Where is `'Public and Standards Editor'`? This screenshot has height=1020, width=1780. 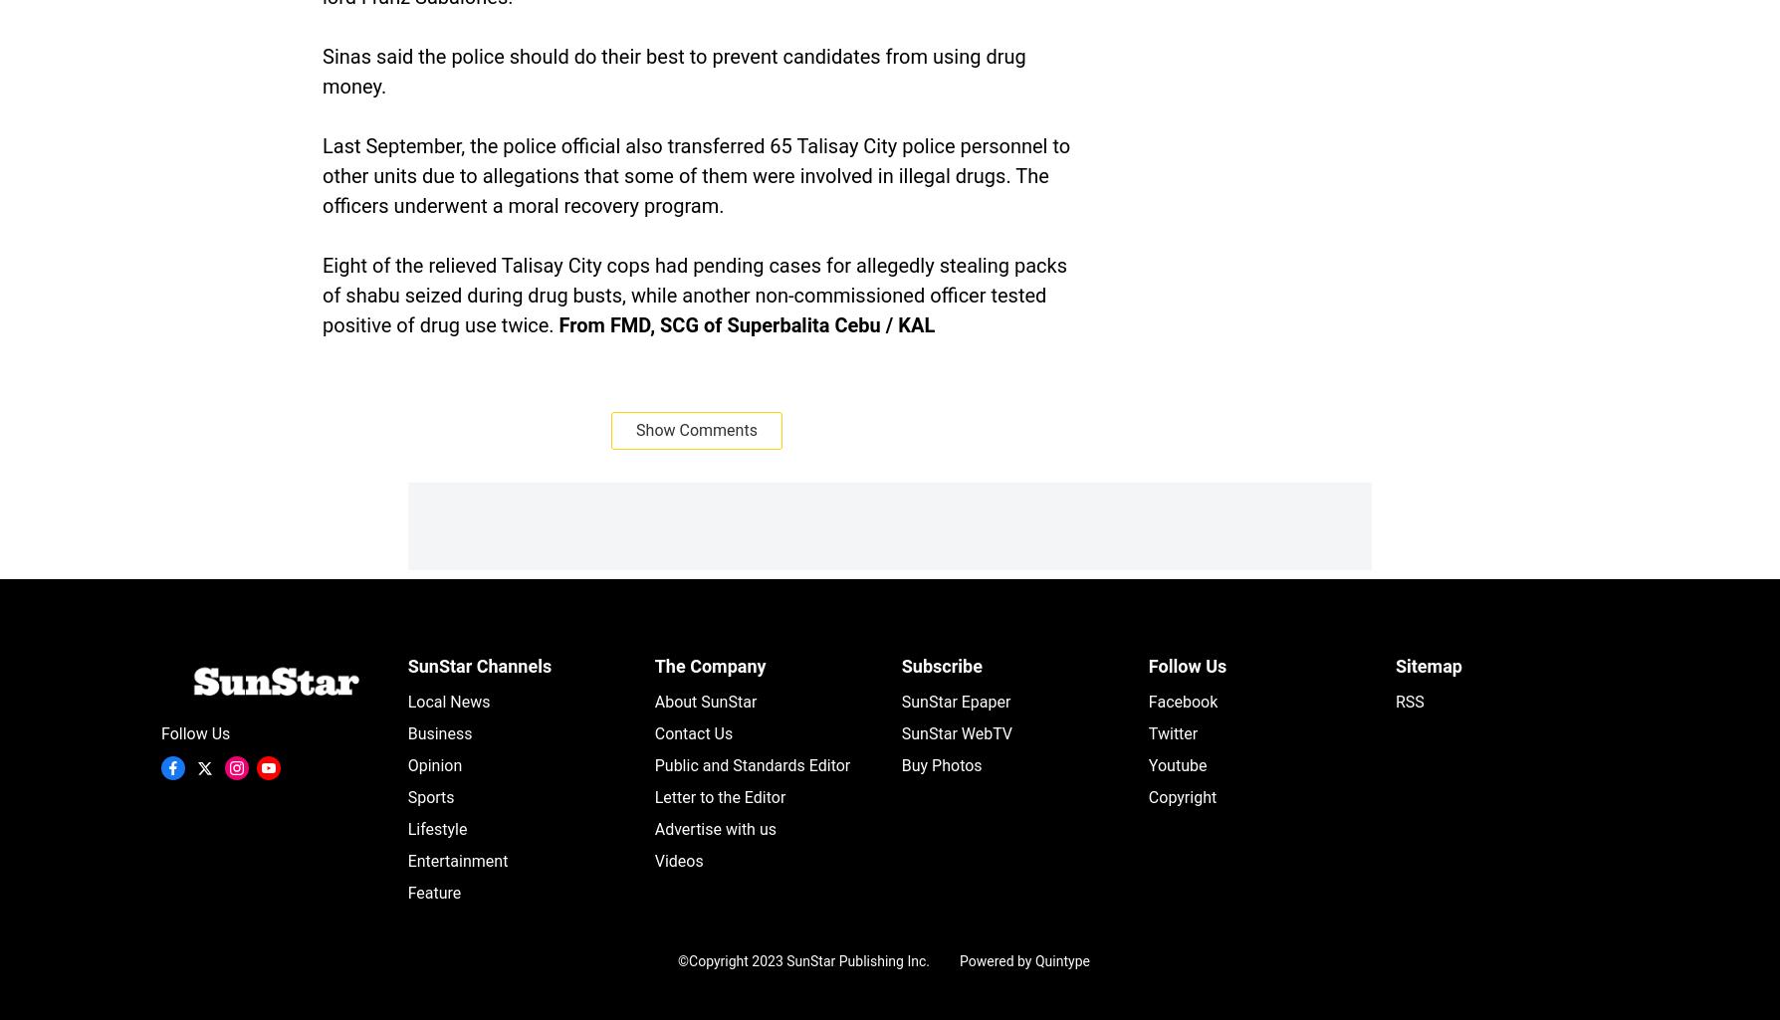 'Public and Standards Editor' is located at coordinates (653, 765).